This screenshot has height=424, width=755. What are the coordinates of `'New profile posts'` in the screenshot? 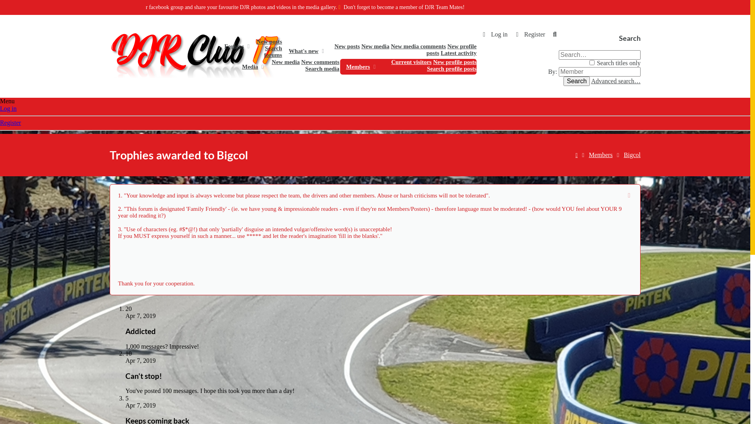 It's located at (455, 62).